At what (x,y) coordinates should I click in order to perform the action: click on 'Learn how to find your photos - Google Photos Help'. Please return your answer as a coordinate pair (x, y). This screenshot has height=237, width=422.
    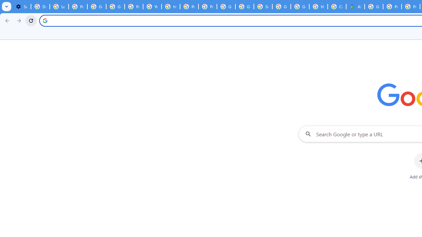
    Looking at the image, I should click on (59, 7).